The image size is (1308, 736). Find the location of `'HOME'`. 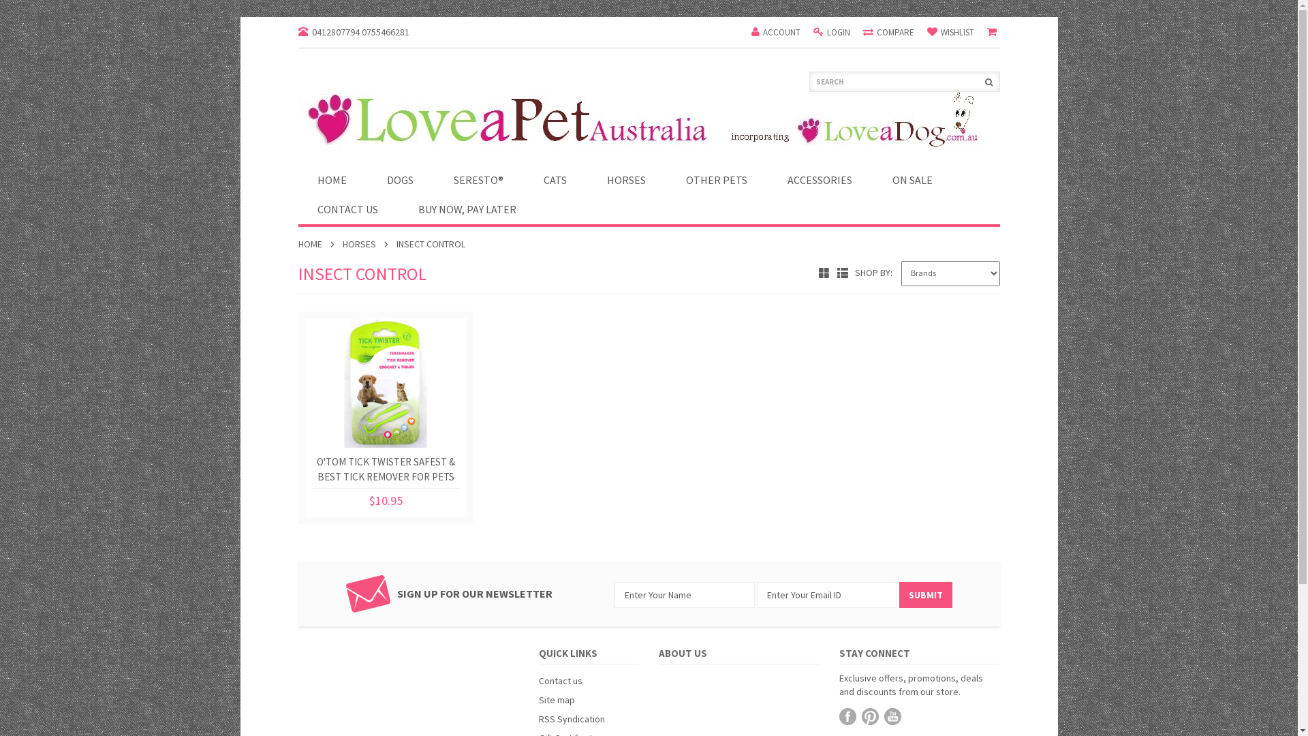

'HOME' is located at coordinates (332, 179).